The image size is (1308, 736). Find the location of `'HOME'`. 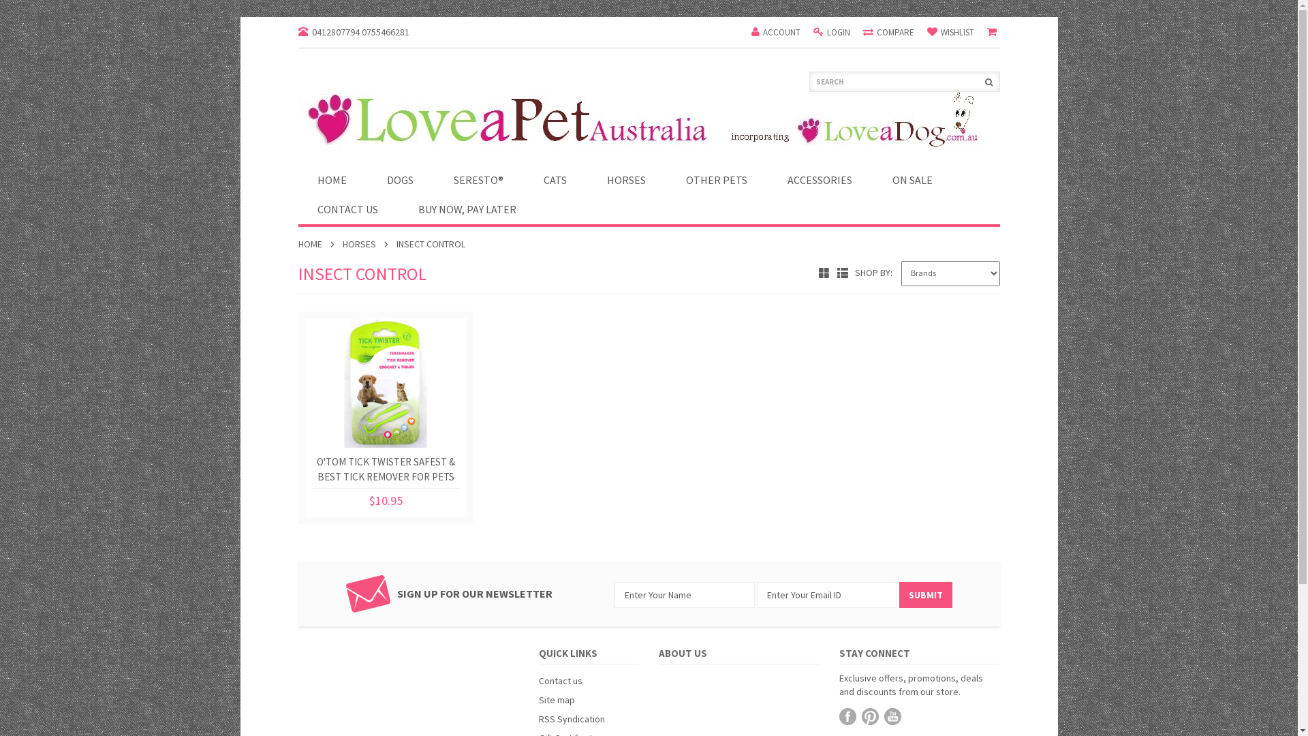

'HOME' is located at coordinates (332, 179).